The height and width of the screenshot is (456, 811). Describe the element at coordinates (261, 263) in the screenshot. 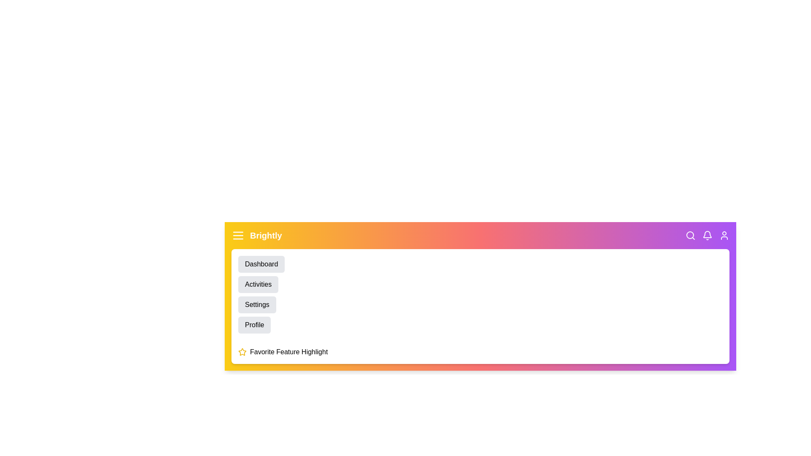

I see `the 'Dashboard' menu item` at that location.